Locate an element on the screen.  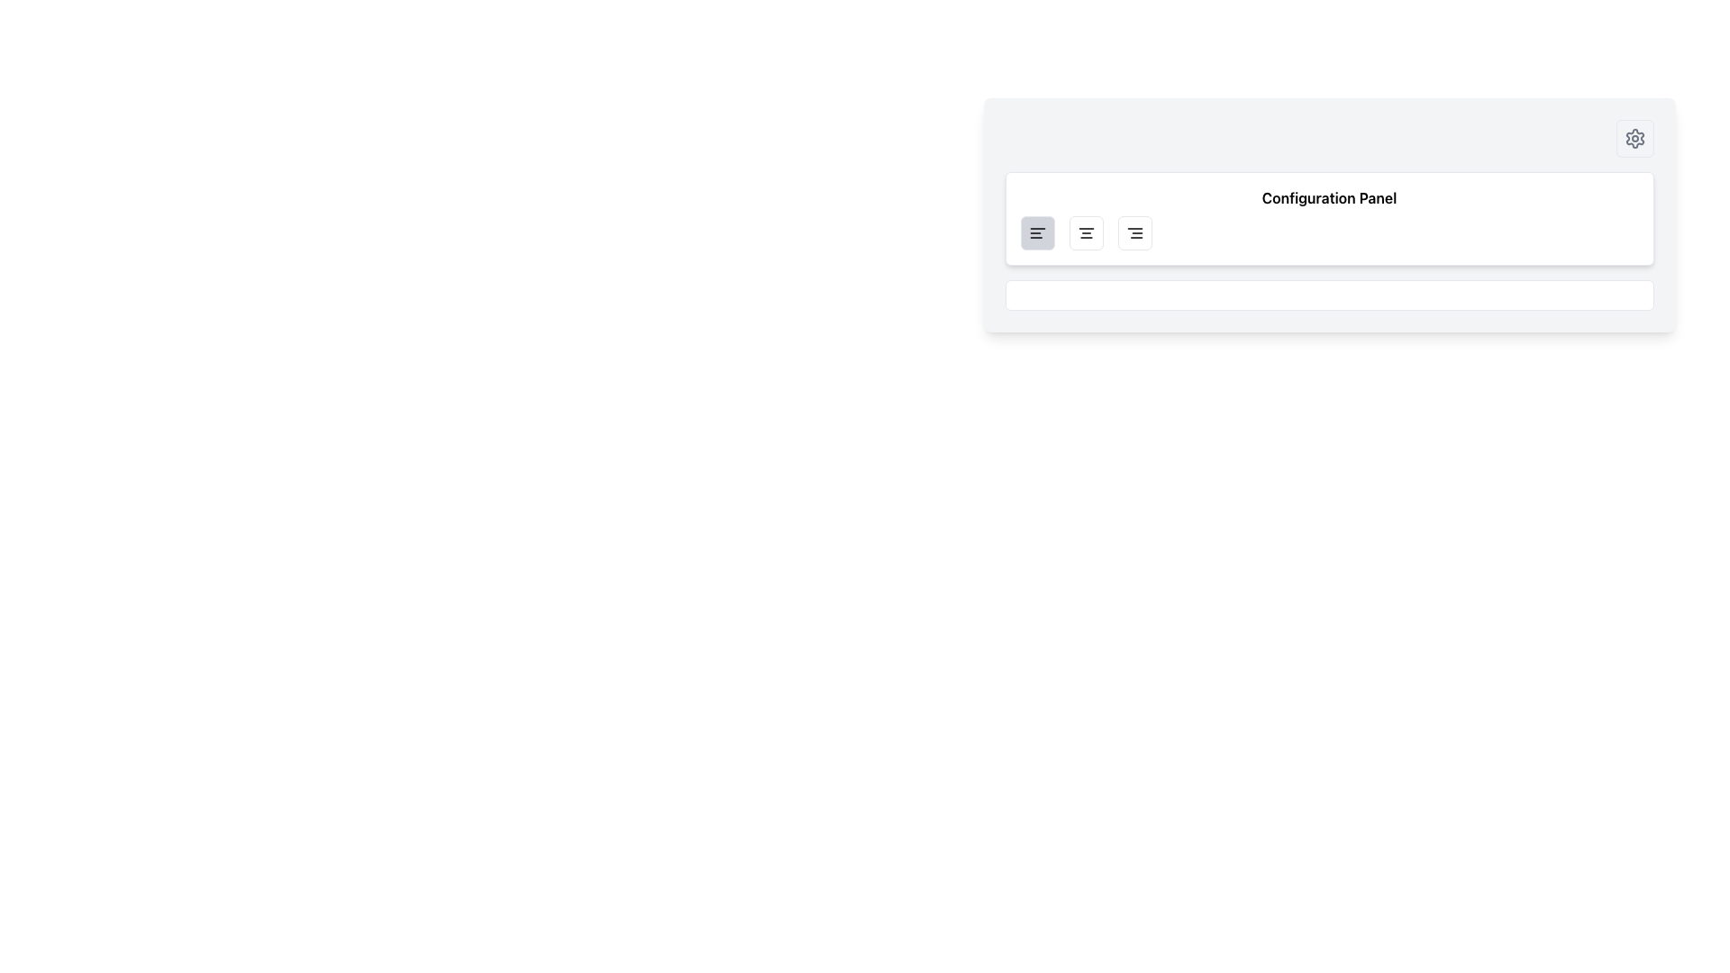
the right-align button icon, which is the third icon in a row of three alignment icons in the configuration panel is located at coordinates (1134, 232).